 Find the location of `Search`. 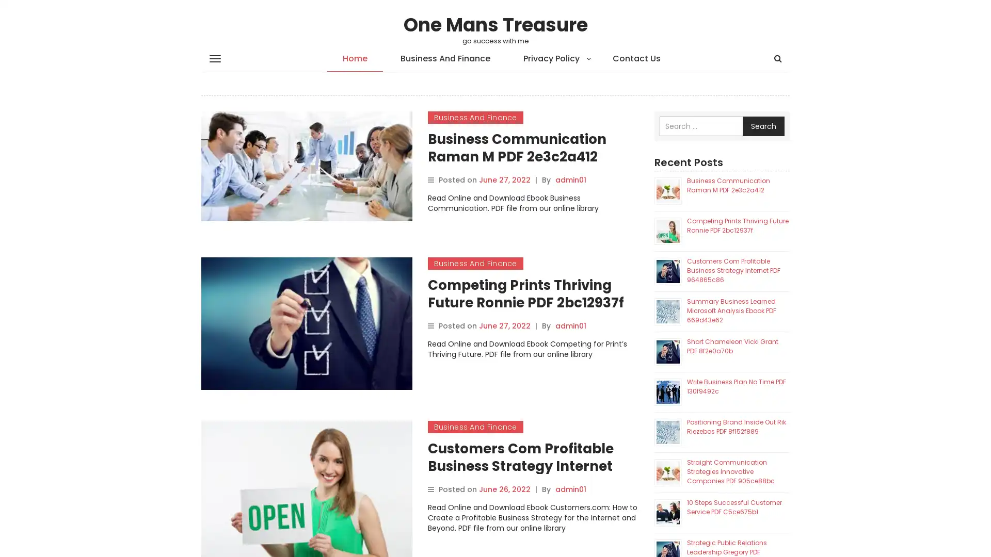

Search is located at coordinates (763, 126).